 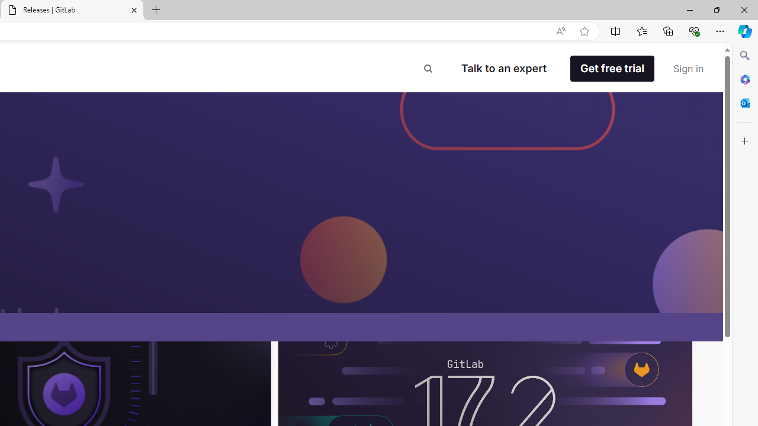 What do you see at coordinates (612, 69) in the screenshot?
I see `'Get free trial'` at bounding box center [612, 69].